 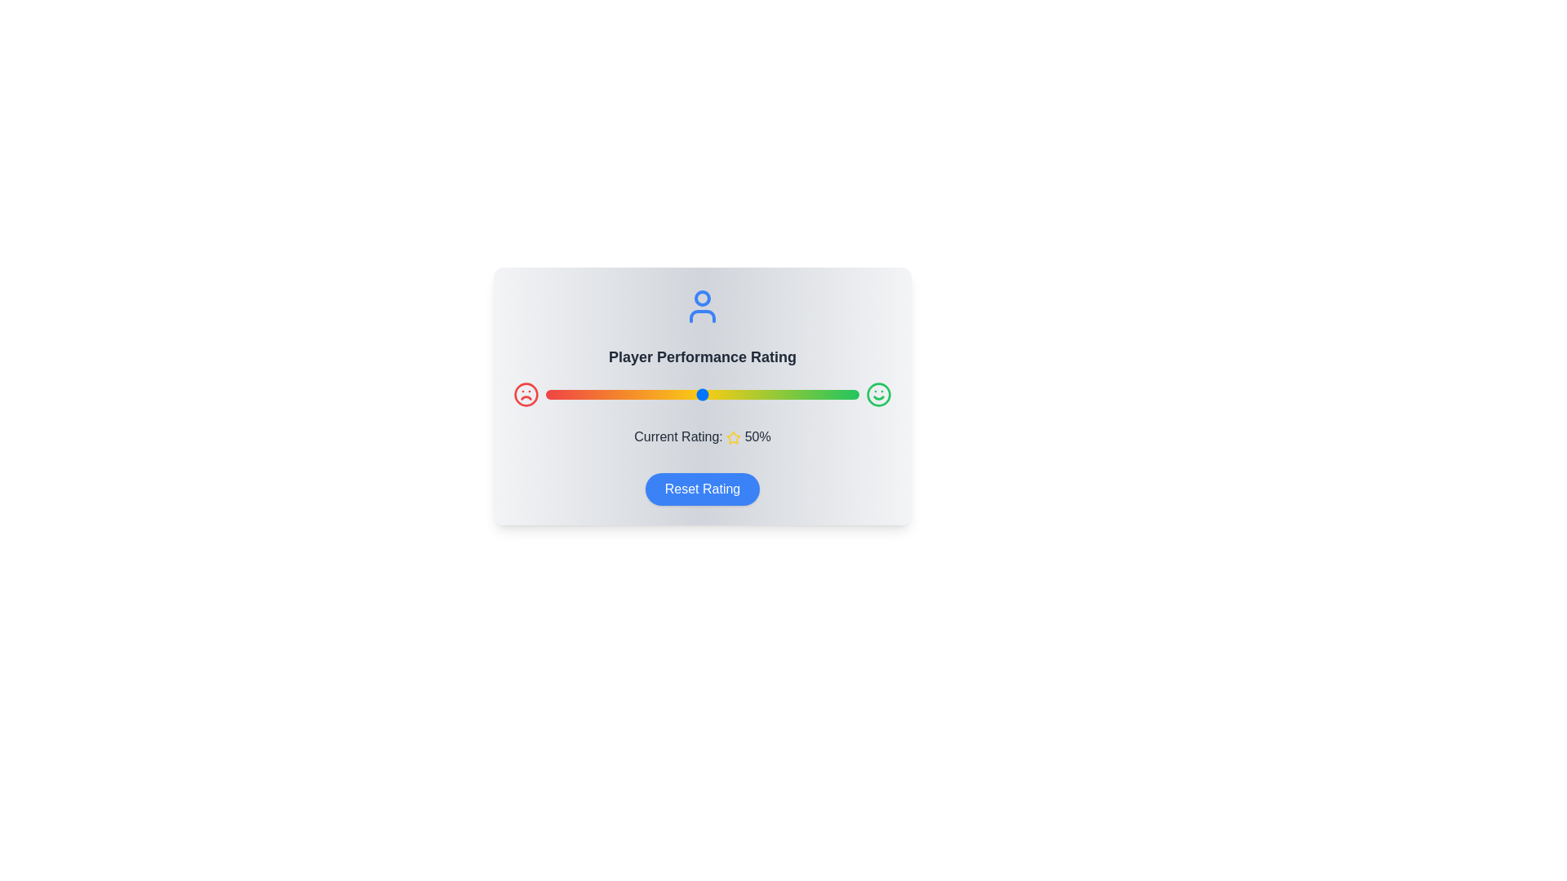 What do you see at coordinates (828, 394) in the screenshot?
I see `the rating slider to 90%` at bounding box center [828, 394].